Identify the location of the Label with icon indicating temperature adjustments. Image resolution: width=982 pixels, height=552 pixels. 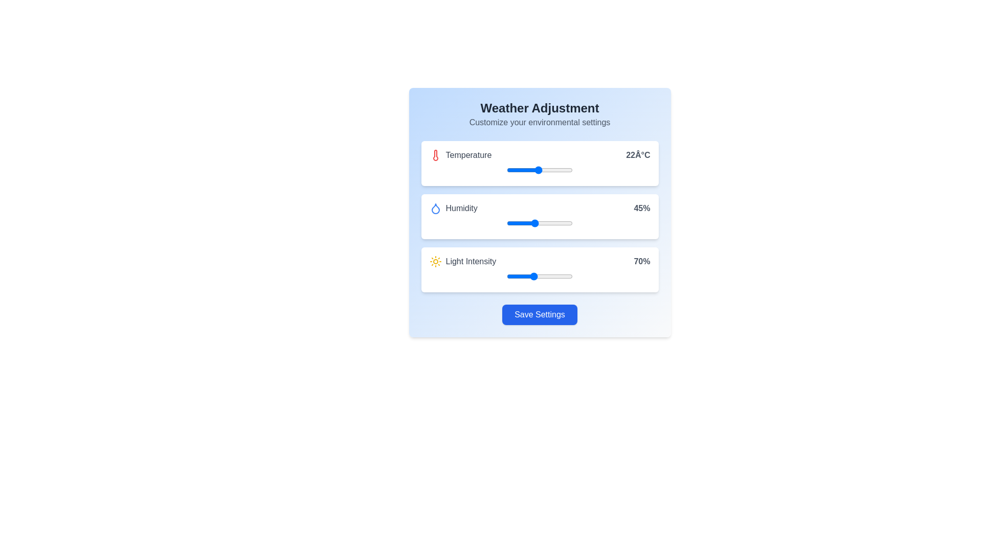
(460, 155).